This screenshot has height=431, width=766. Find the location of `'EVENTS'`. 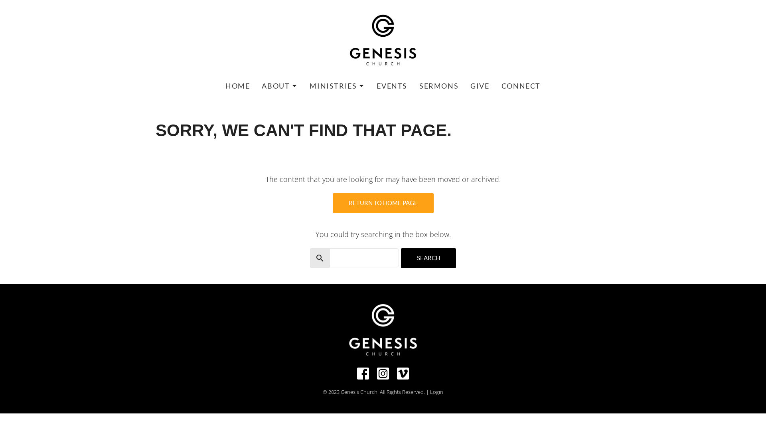

'EVENTS' is located at coordinates (376, 86).